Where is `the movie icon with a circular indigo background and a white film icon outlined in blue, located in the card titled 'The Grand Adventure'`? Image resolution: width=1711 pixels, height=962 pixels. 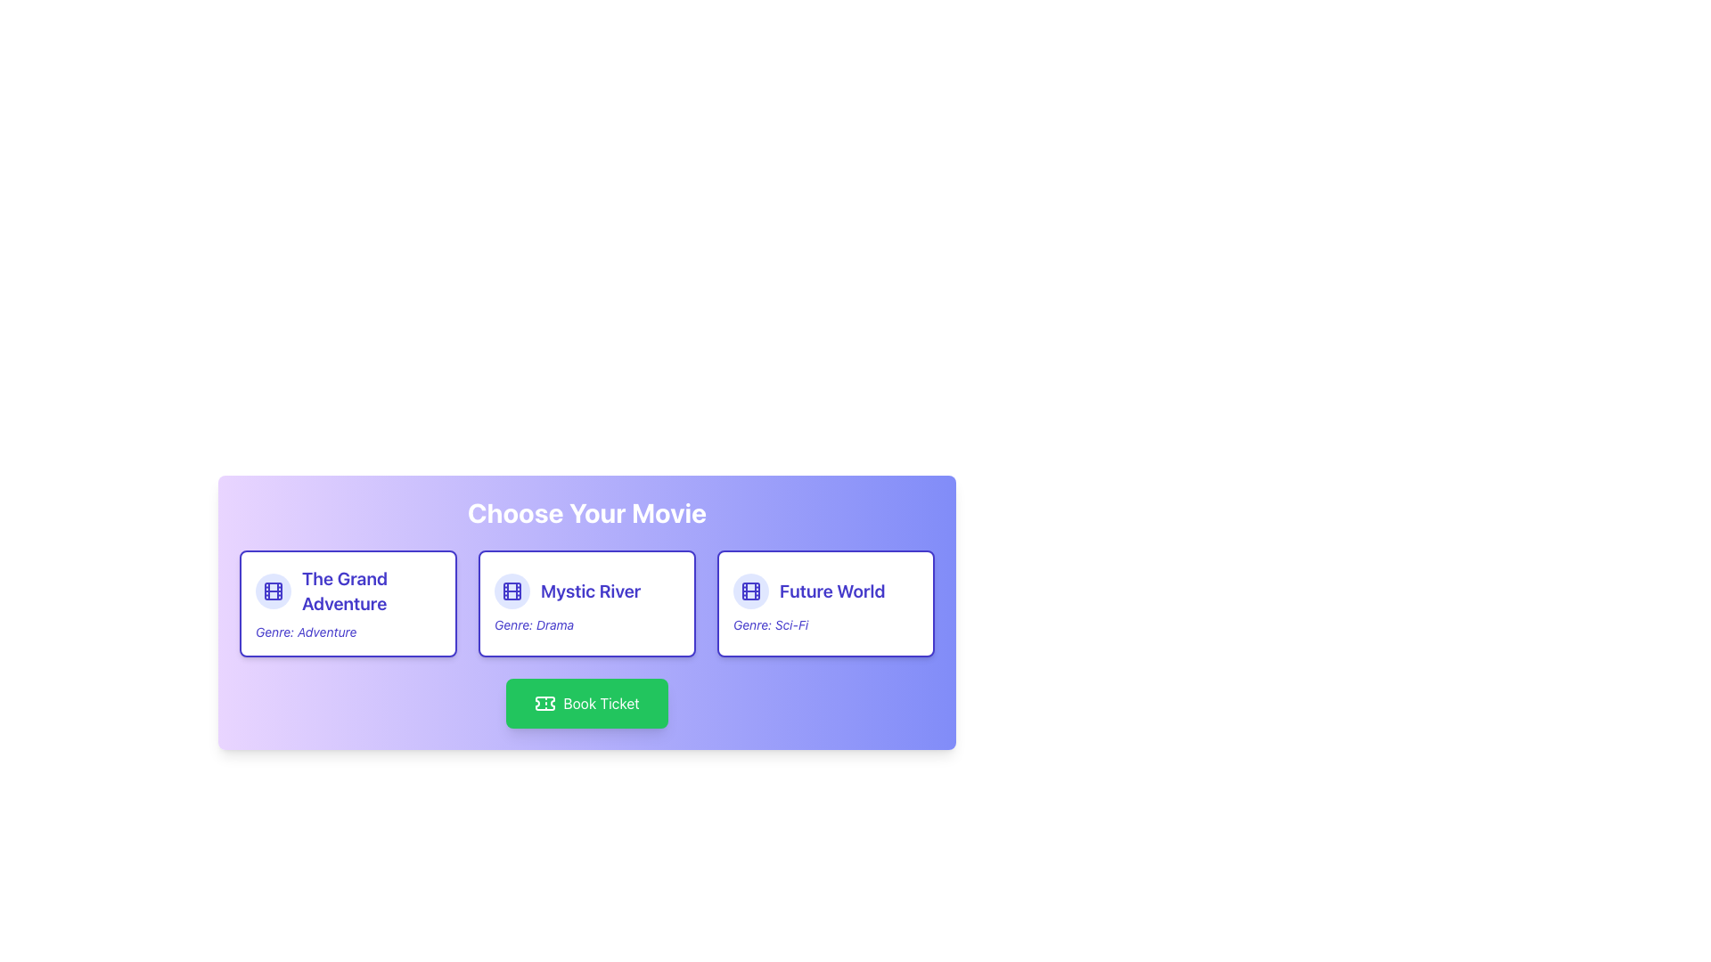 the movie icon with a circular indigo background and a white film icon outlined in blue, located in the card titled 'The Grand Adventure' is located at coordinates (273, 591).